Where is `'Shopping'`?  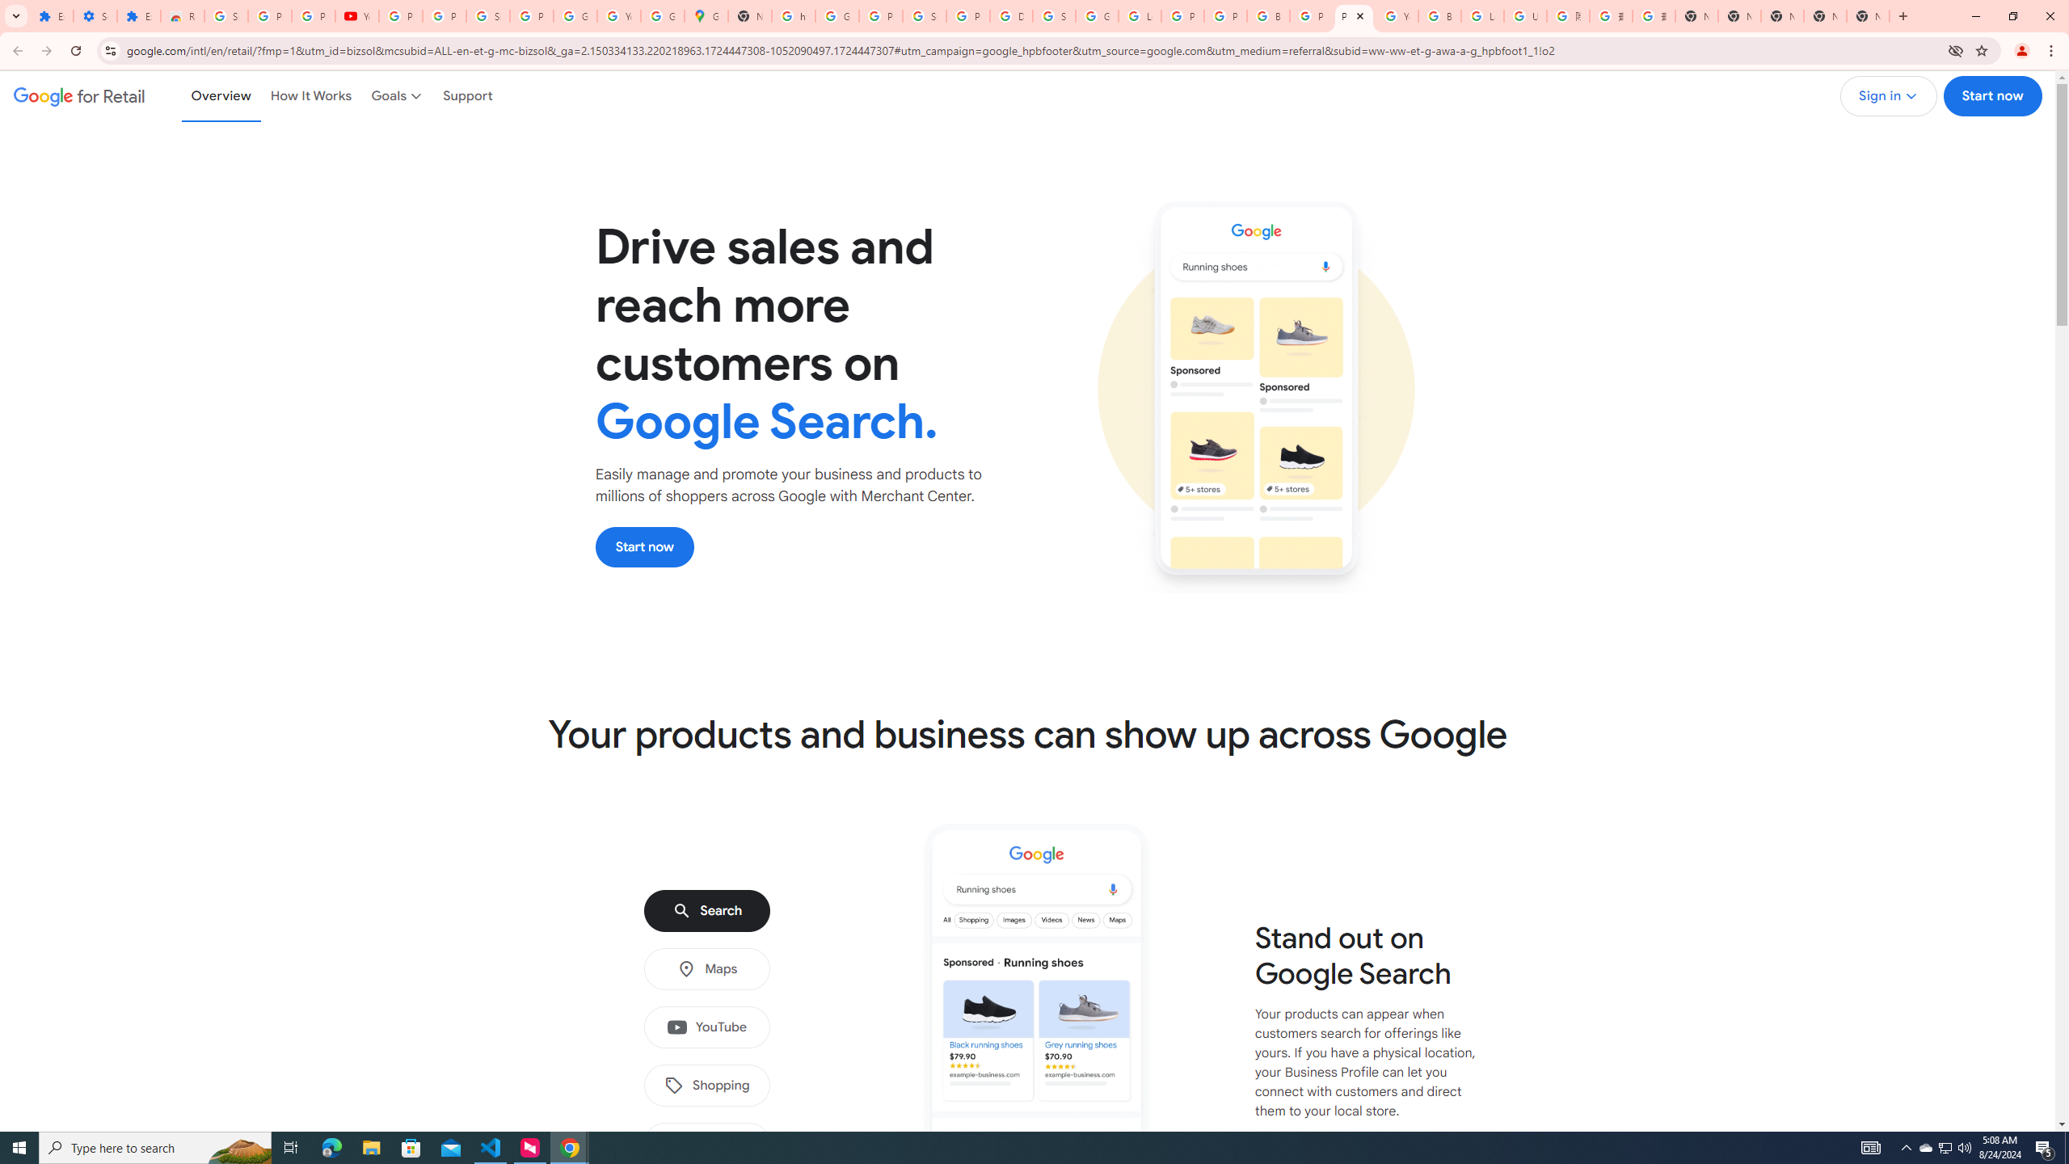 'Shopping' is located at coordinates (706, 1086).